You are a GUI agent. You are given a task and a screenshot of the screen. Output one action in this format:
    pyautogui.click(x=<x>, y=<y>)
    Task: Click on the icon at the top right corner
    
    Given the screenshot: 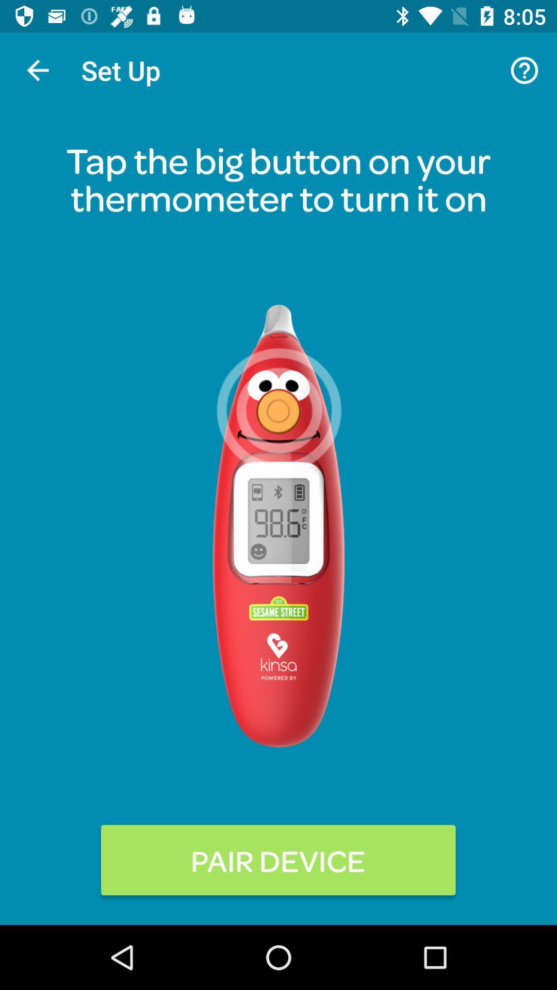 What is the action you would take?
    pyautogui.click(x=525, y=70)
    